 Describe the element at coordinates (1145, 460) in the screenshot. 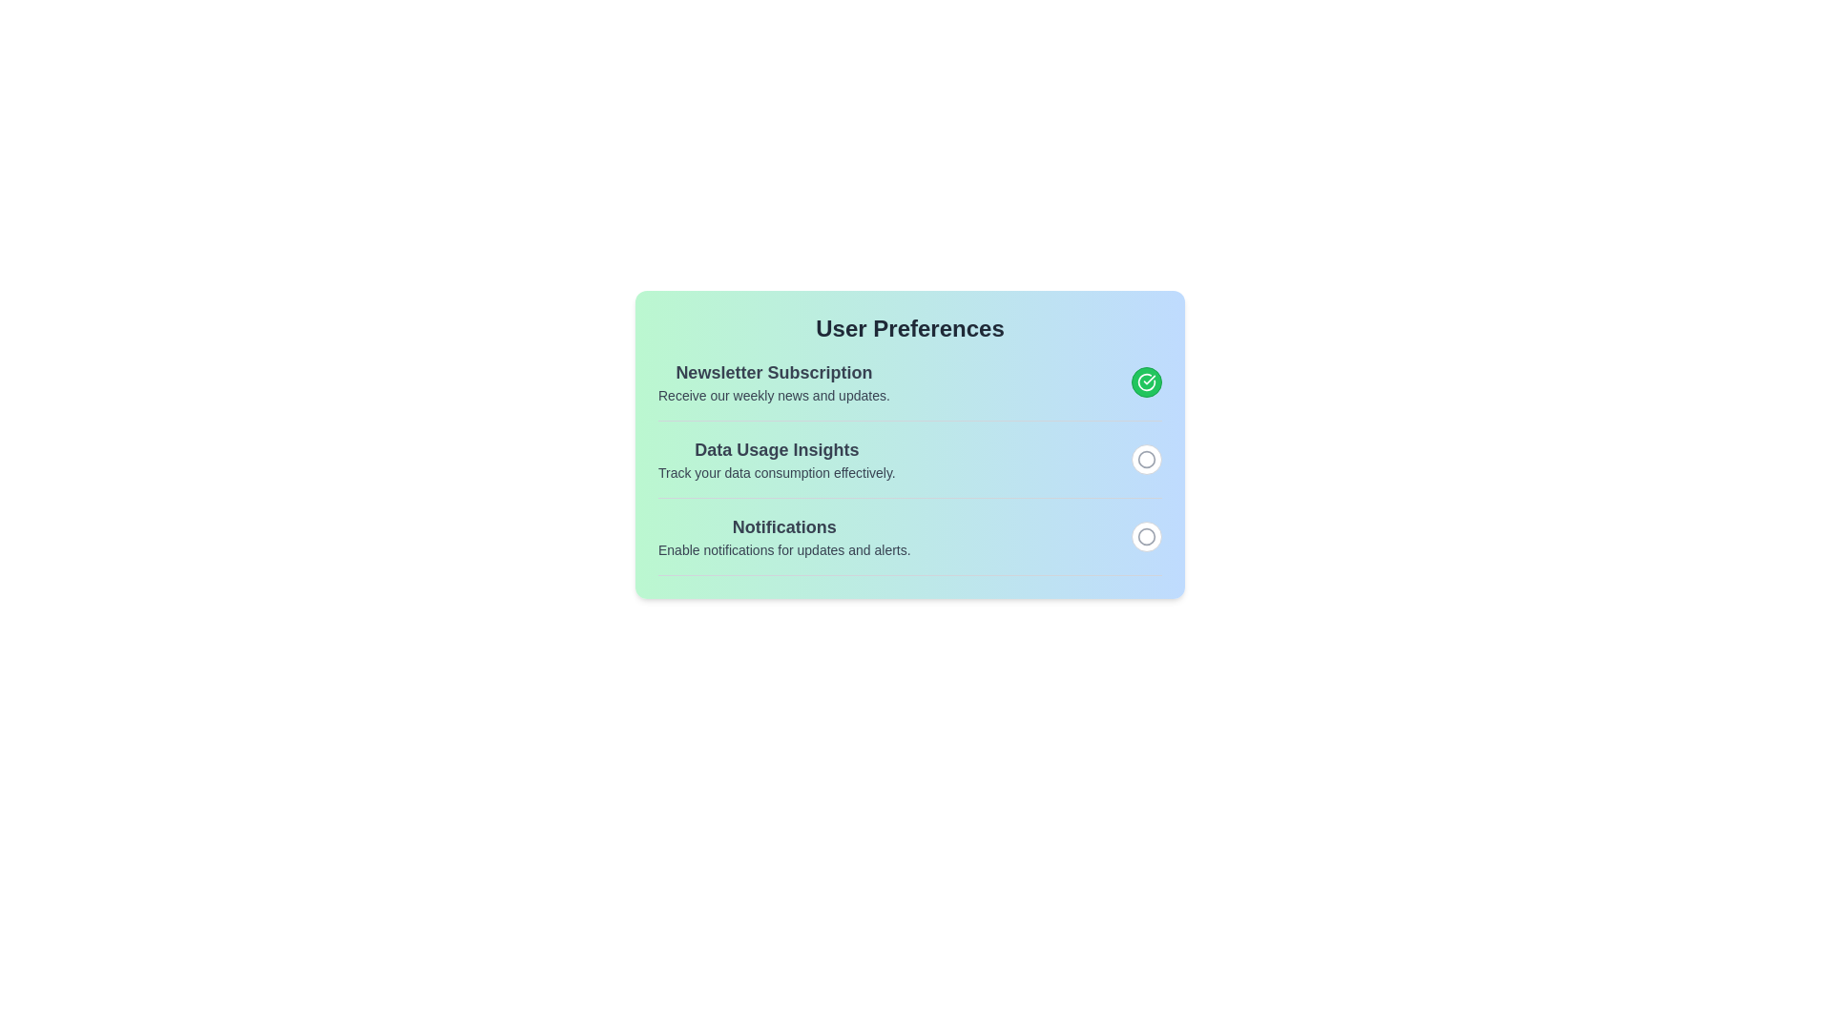

I see `the circular selectable option located to the right of the 'Notifications' label in the user preferences panel` at that location.